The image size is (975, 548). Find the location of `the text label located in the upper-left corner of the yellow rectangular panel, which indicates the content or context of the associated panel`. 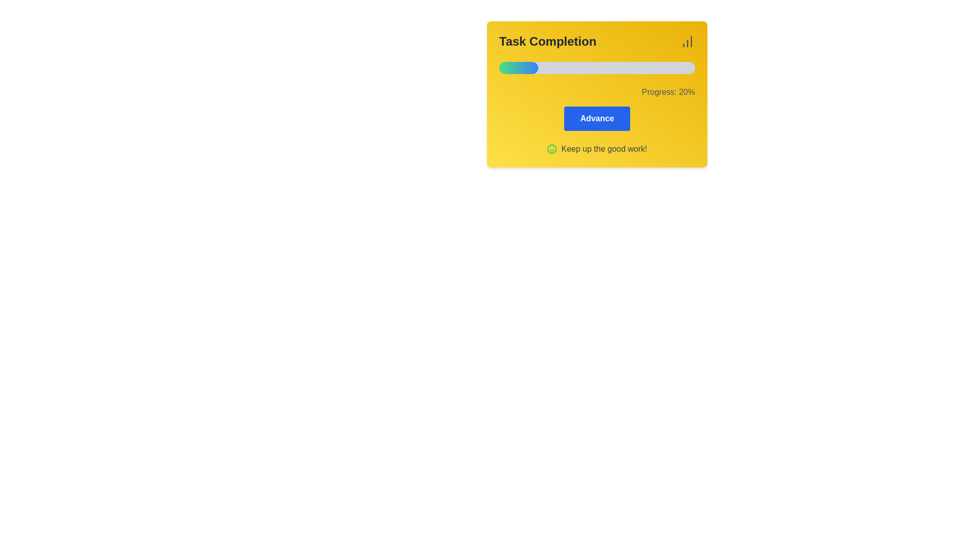

the text label located in the upper-left corner of the yellow rectangular panel, which indicates the content or context of the associated panel is located at coordinates (547, 41).